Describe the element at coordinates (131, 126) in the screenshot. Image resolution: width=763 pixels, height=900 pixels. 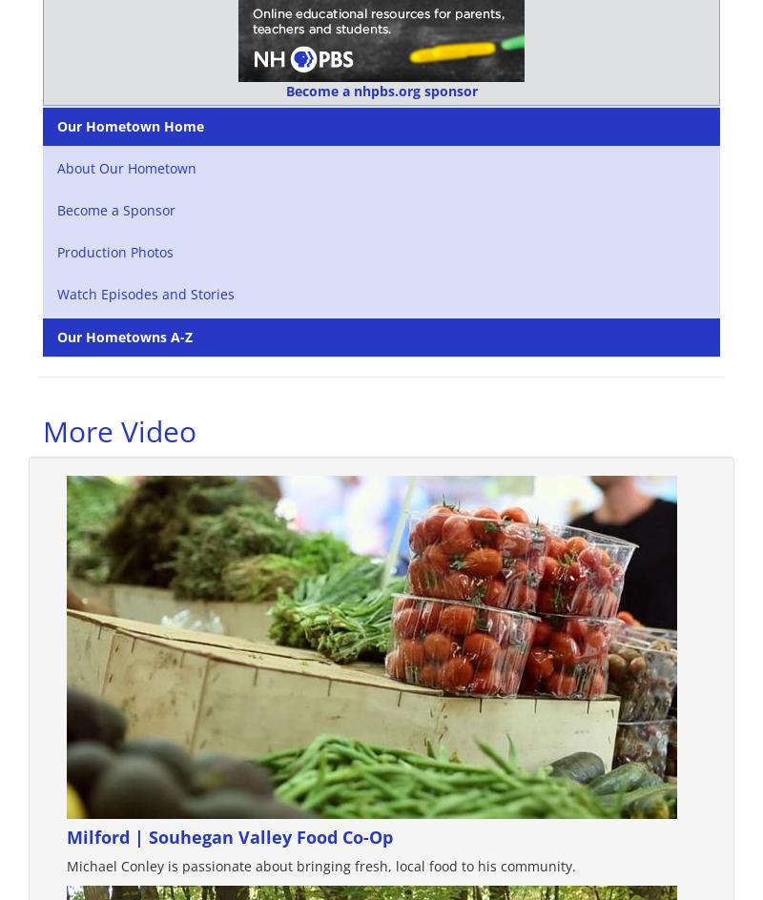
I see `'Our Hometown Home'` at that location.